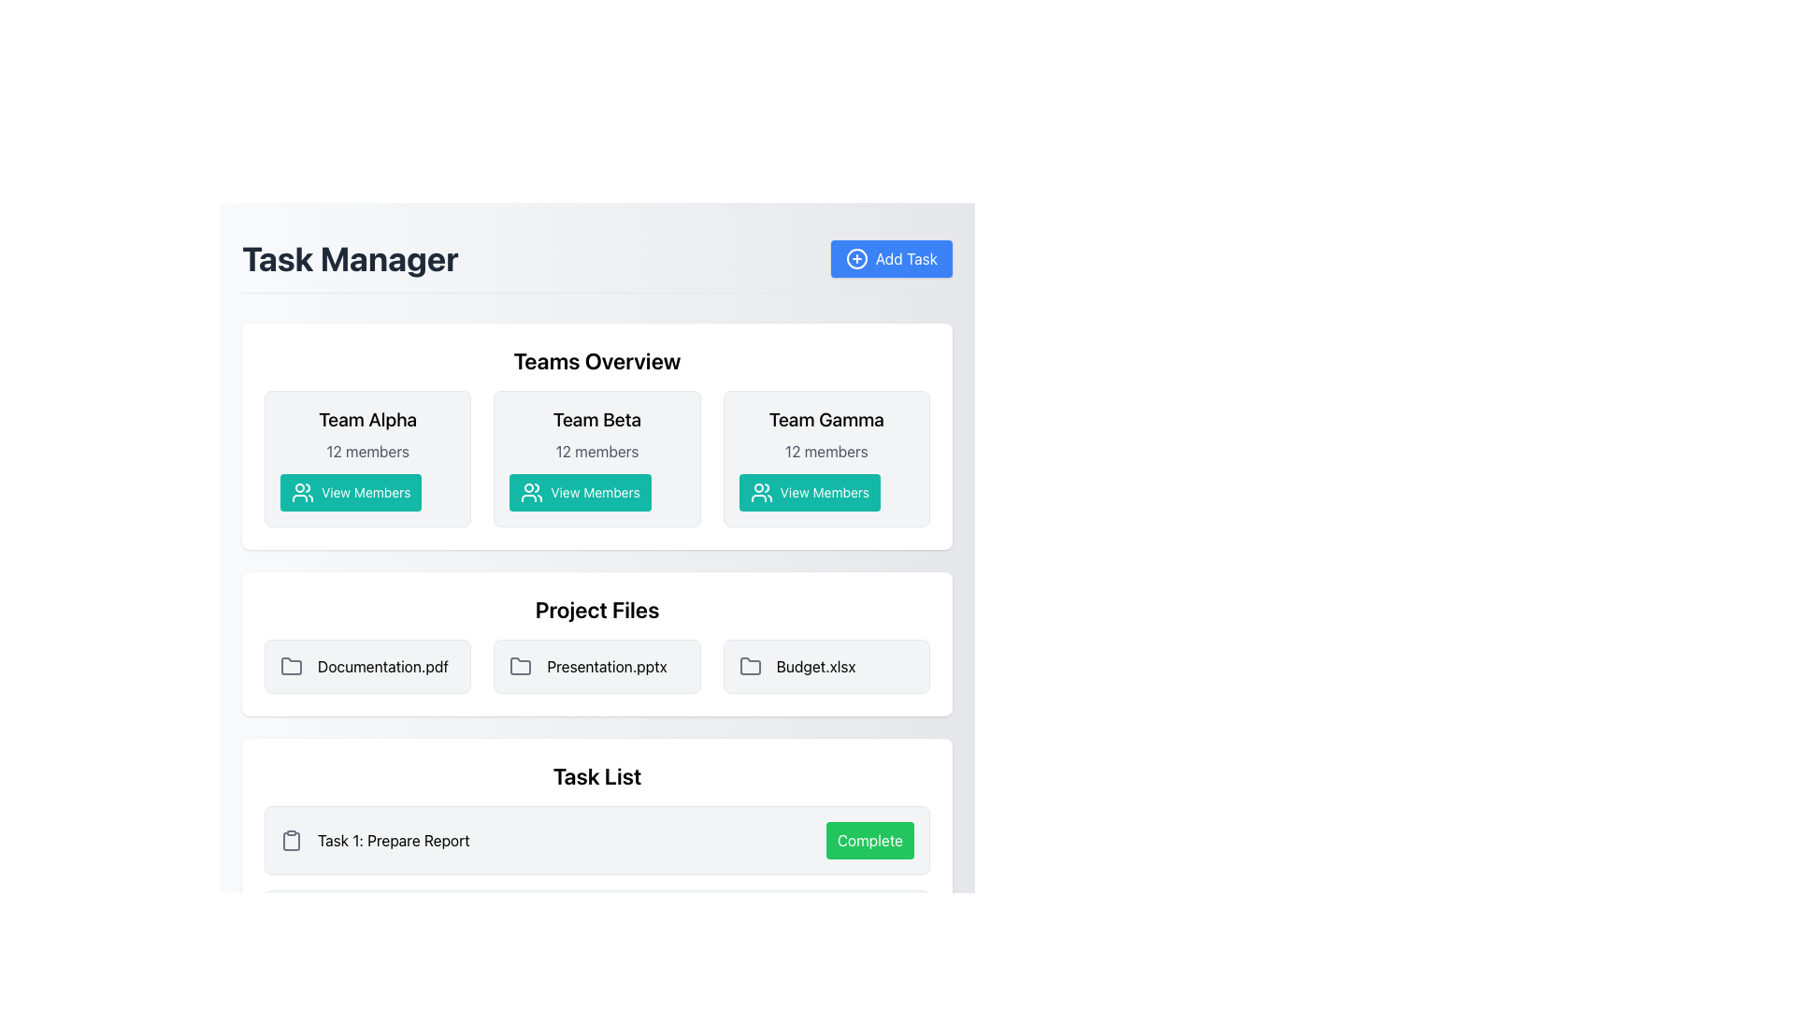 The height and width of the screenshot is (1010, 1795). What do you see at coordinates (291, 839) in the screenshot?
I see `the clipboard icon located to the left of the label 'Task 1: Prepare Report' in the 'Task List' section` at bounding box center [291, 839].